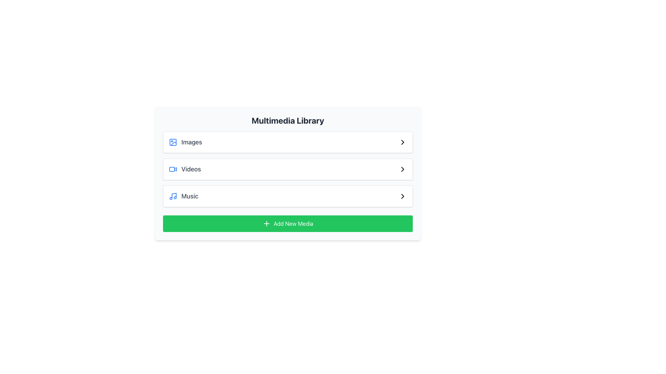  Describe the element at coordinates (185, 169) in the screenshot. I see `the second row item labeled 'Videos' in the Multimedia Library, which features a blue outline video camera icon and medium gray text` at that location.